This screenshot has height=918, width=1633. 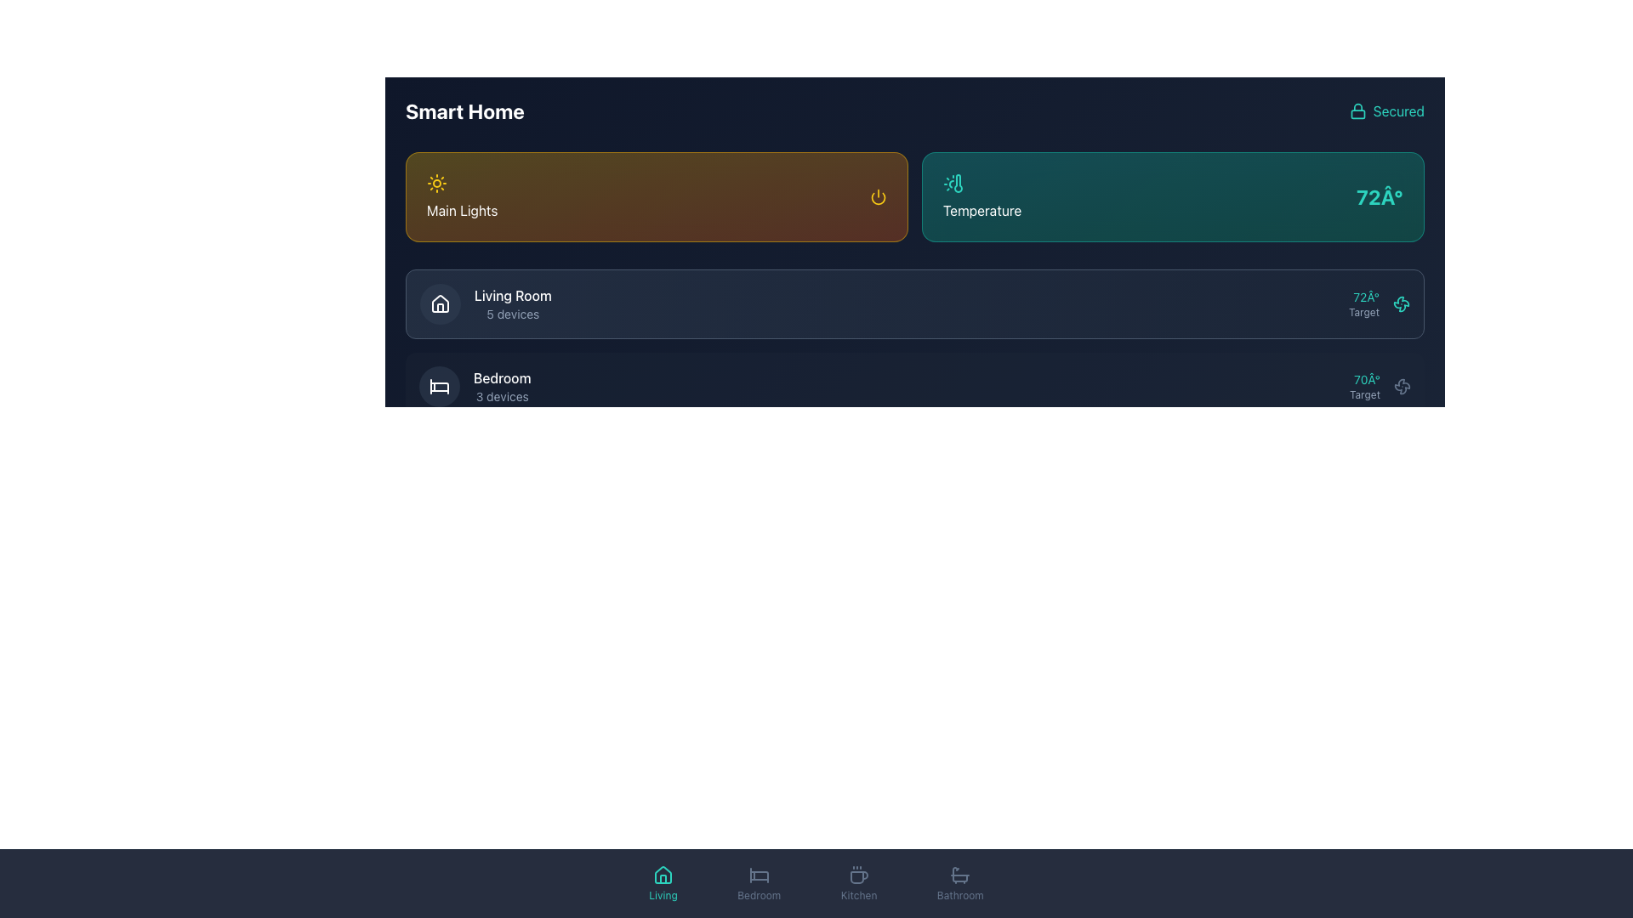 I want to click on the Static Label indicating security status, positioned in the top-right corner of the main interface, so click(x=1398, y=111).